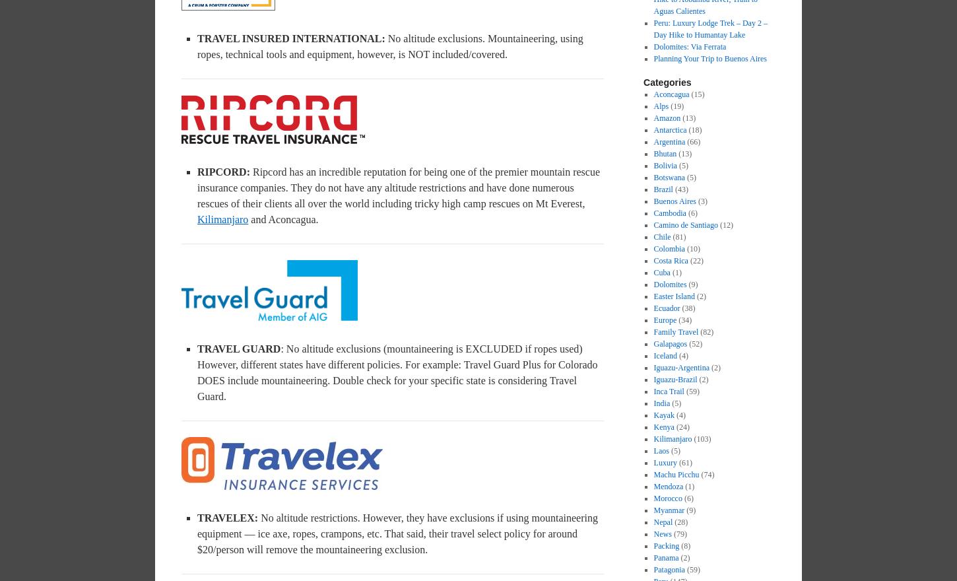 This screenshot has width=957, height=581. Describe the element at coordinates (667, 82) in the screenshot. I see `'Categories'` at that location.